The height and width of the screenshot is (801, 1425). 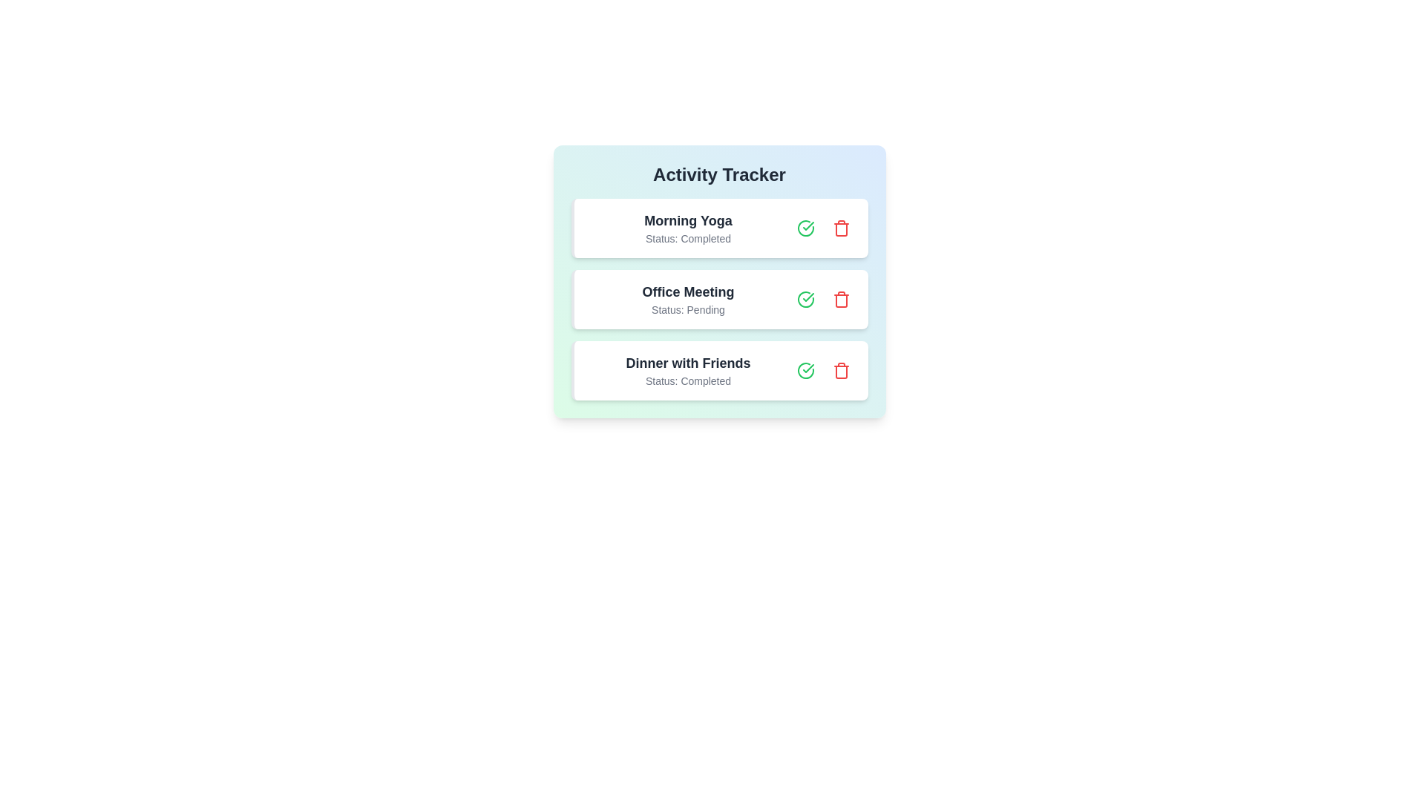 I want to click on trash can button to remove the activity Morning Yoga, so click(x=841, y=228).